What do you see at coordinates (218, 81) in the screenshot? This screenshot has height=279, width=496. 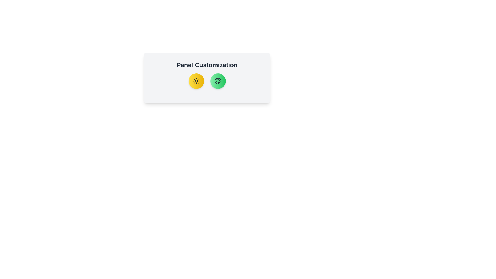 I see `the circular icon button with a gradient green background and a palette symbol` at bounding box center [218, 81].